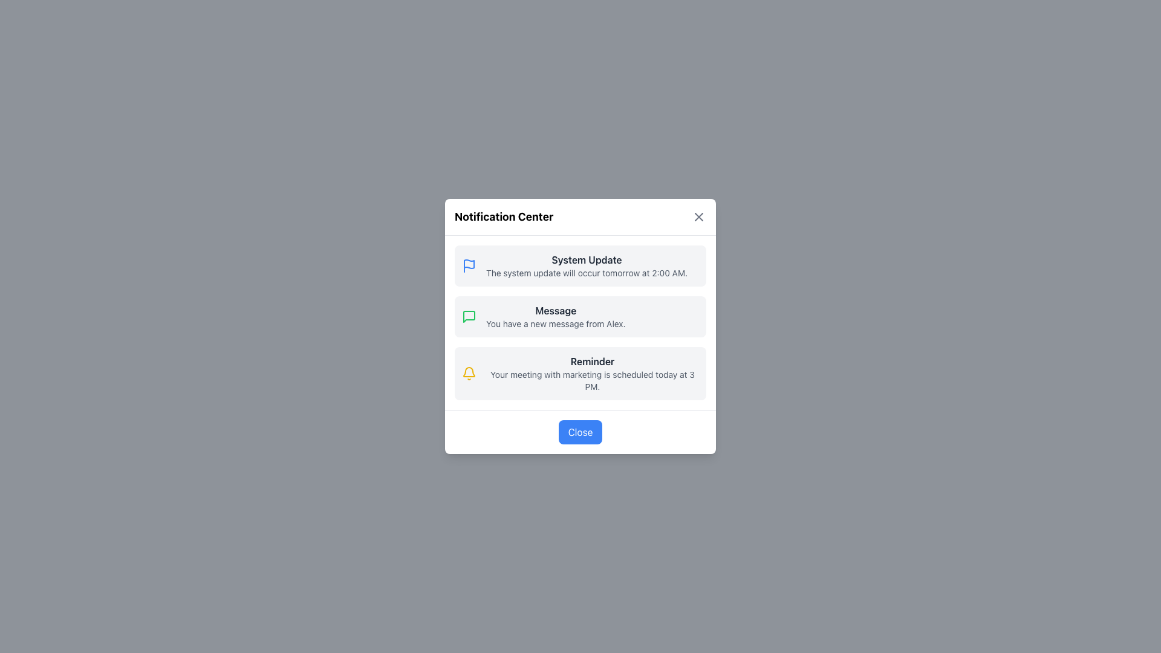  What do you see at coordinates (469, 316) in the screenshot?
I see `the speech bubble icon located to the left of the 'Message' notification titled 'You have a new message from Alex.' in the Notification Center interface` at bounding box center [469, 316].